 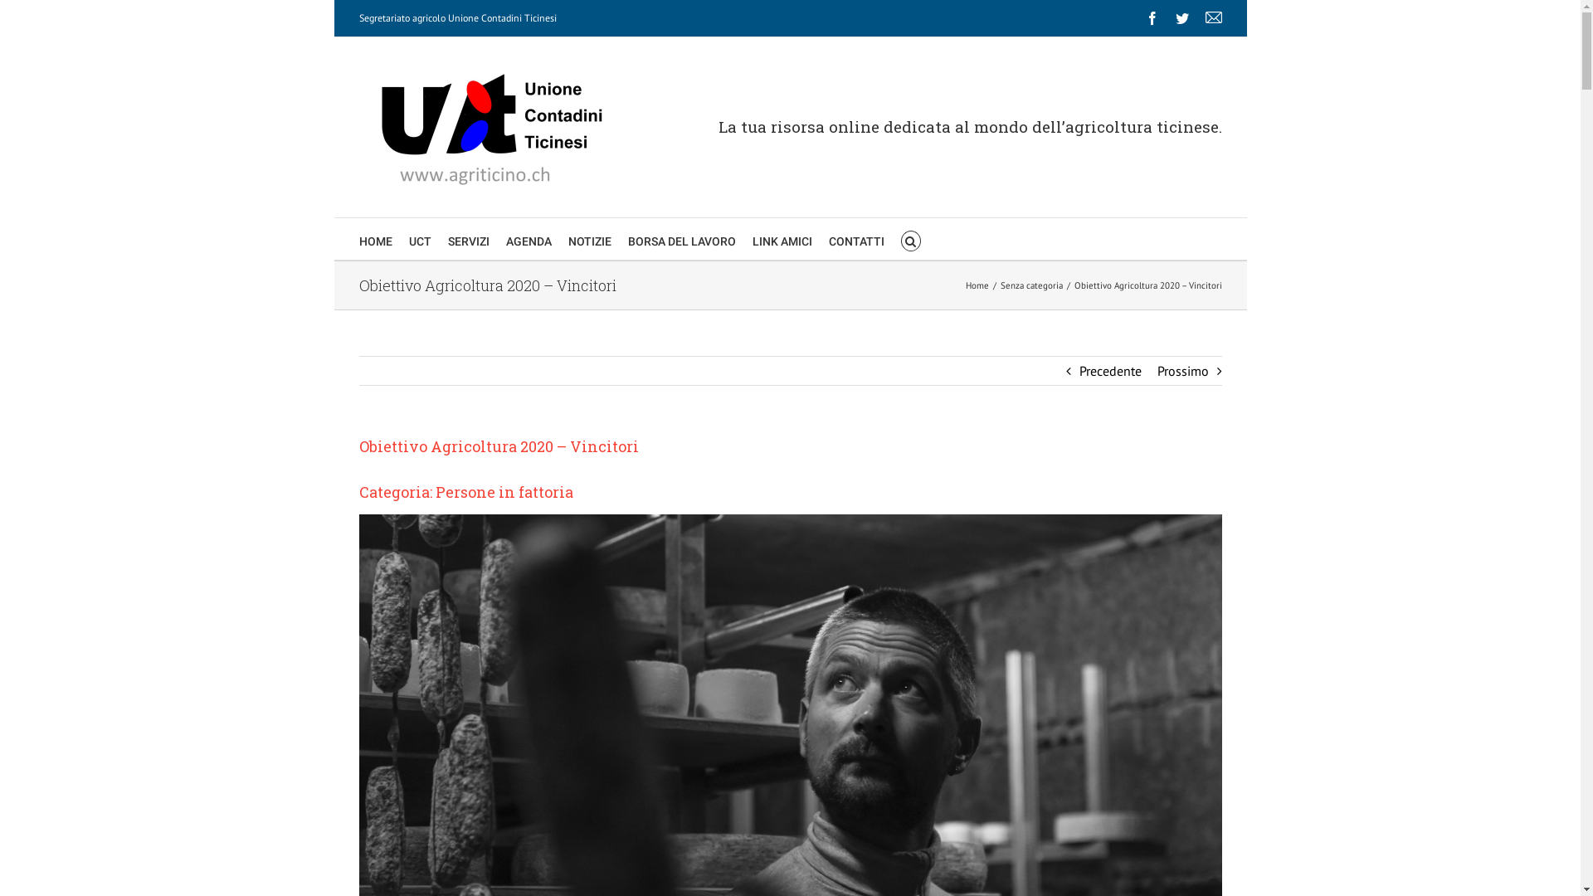 I want to click on 'facebook', so click(x=1150, y=18).